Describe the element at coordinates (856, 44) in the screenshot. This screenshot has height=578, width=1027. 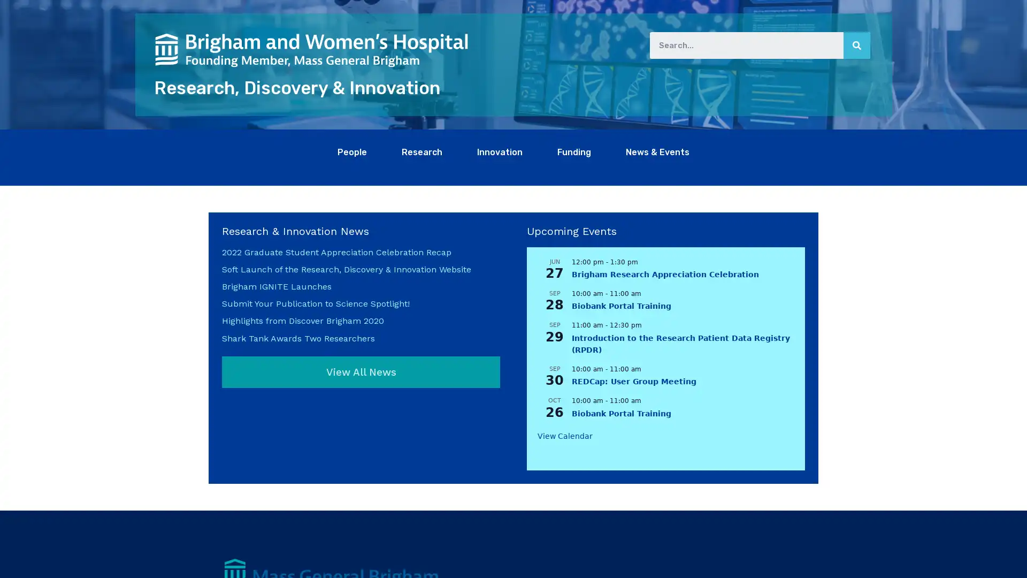
I see `Search` at that location.